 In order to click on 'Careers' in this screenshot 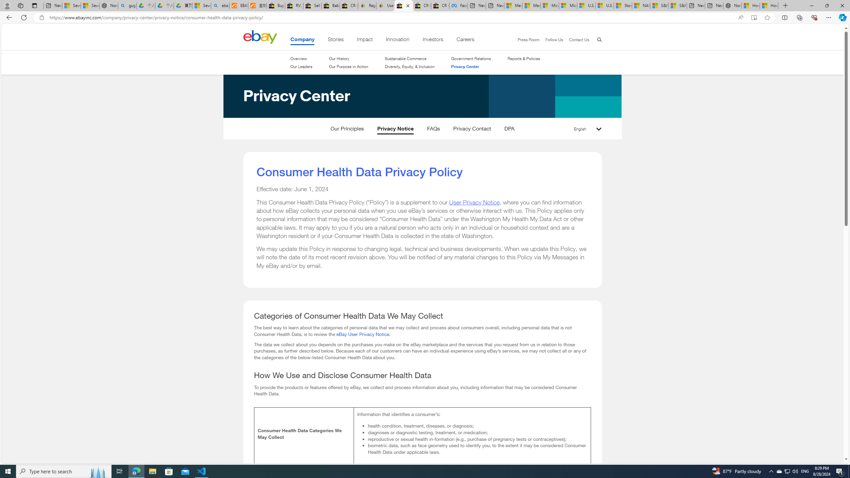, I will do `click(465, 40)`.